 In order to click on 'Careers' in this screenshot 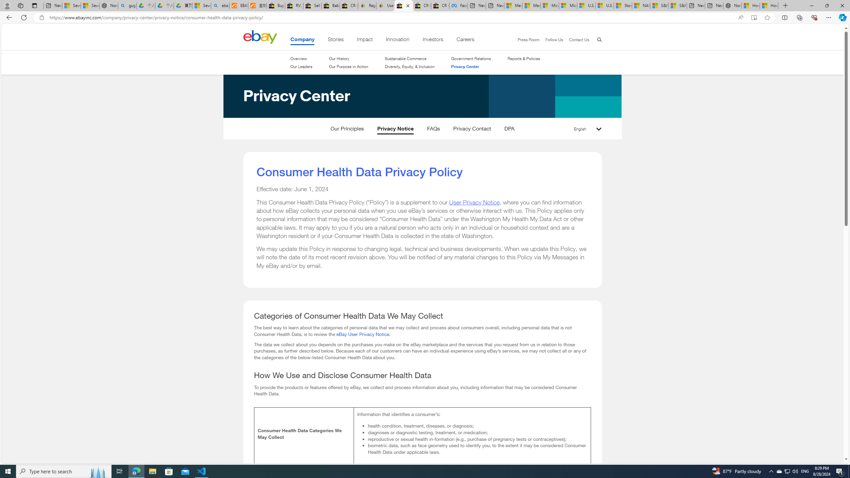, I will do `click(465, 40)`.